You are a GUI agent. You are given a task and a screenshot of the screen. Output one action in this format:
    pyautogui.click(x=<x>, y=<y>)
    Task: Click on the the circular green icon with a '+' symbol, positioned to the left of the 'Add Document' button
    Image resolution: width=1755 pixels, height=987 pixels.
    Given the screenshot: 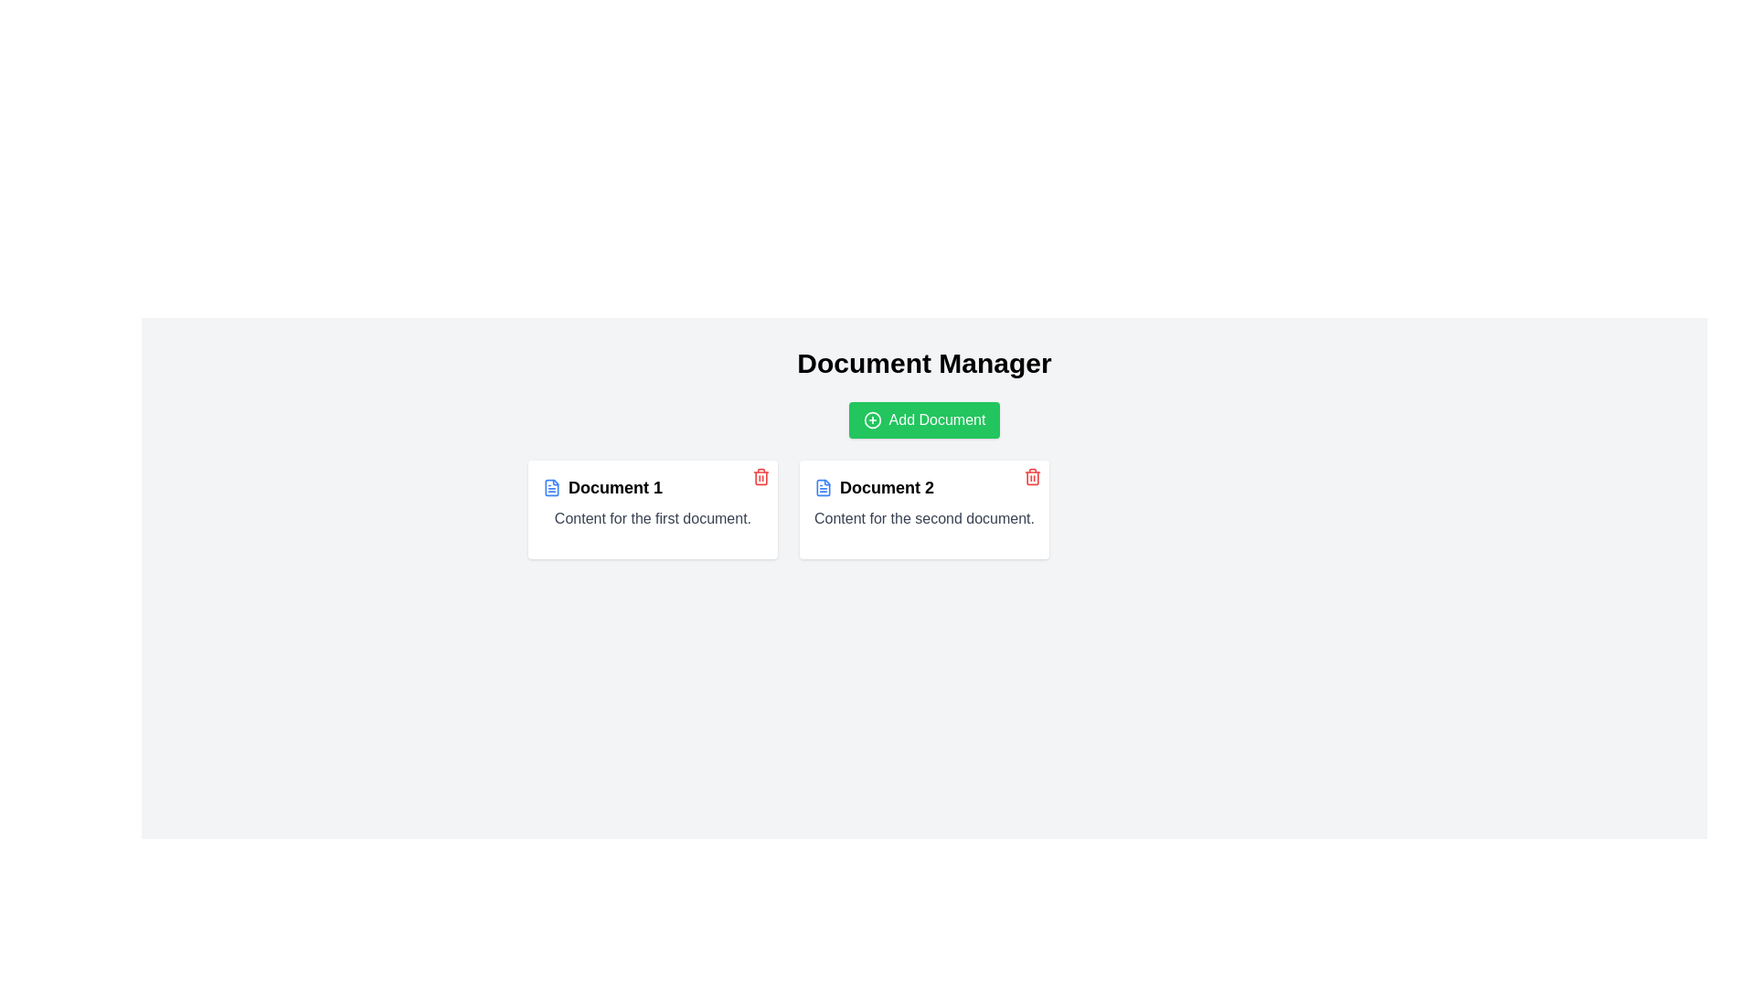 What is the action you would take?
    pyautogui.click(x=871, y=419)
    